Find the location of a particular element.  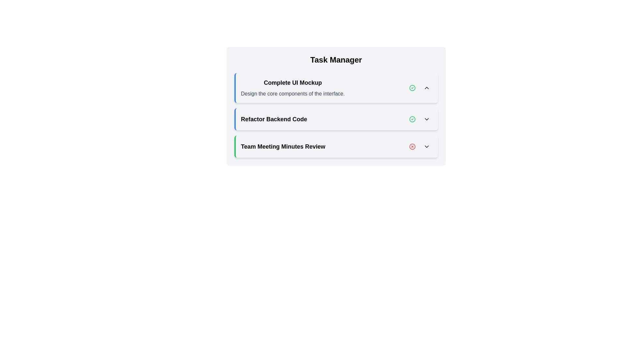

the chevron-down icon button located to the right of 'Team Meeting Minutes Review' in the third row of the task list under 'Task Manager' is located at coordinates (427, 147).